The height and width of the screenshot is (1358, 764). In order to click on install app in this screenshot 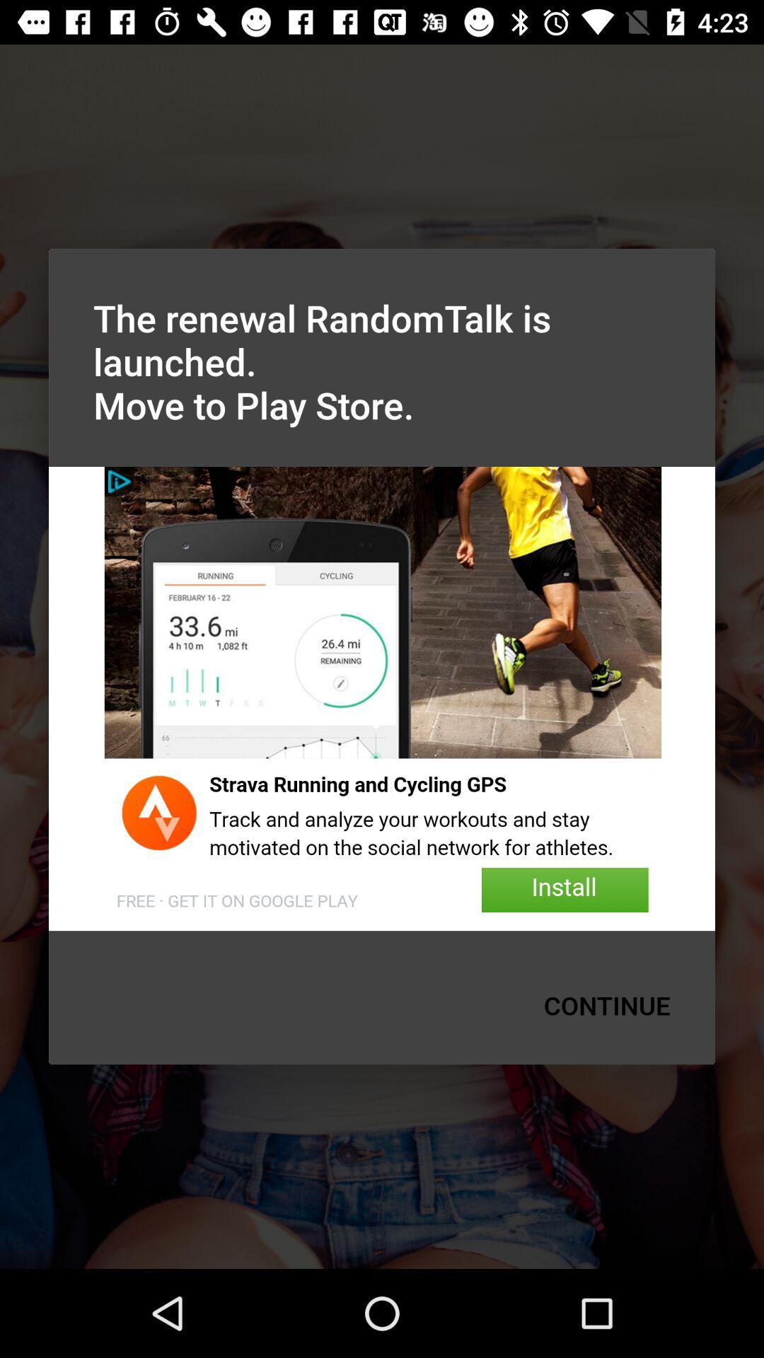, I will do `click(382, 699)`.